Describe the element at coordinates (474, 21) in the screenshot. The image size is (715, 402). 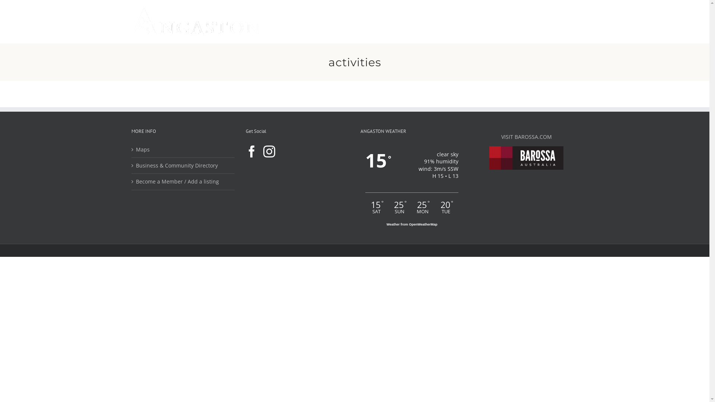
I see `'STAY'` at that location.